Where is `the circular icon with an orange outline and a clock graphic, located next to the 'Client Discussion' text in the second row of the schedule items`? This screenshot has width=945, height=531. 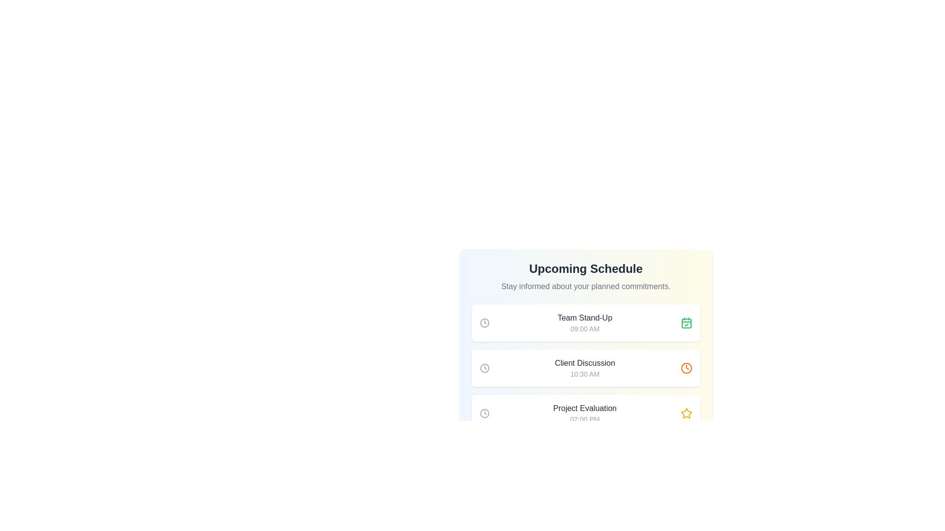 the circular icon with an orange outline and a clock graphic, located next to the 'Client Discussion' text in the second row of the schedule items is located at coordinates (686, 368).